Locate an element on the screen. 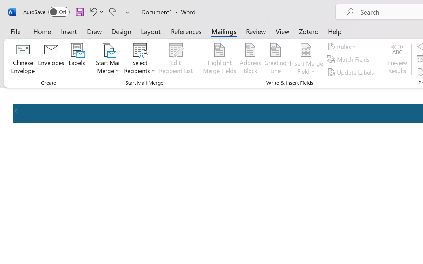 This screenshot has width=423, height=264. 'Update Labels' is located at coordinates (351, 72).